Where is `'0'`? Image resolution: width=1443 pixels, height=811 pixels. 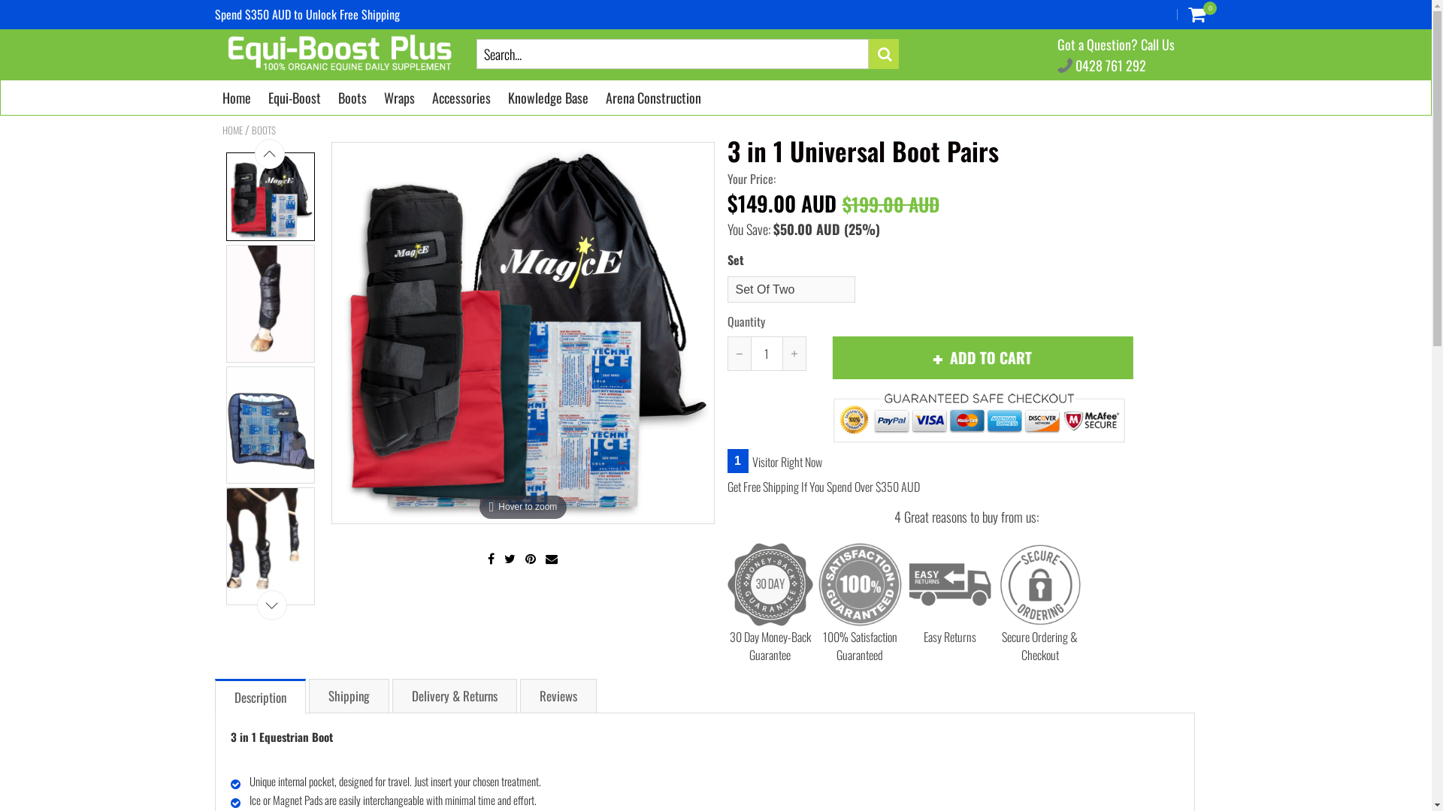
'0' is located at coordinates (1196, 14).